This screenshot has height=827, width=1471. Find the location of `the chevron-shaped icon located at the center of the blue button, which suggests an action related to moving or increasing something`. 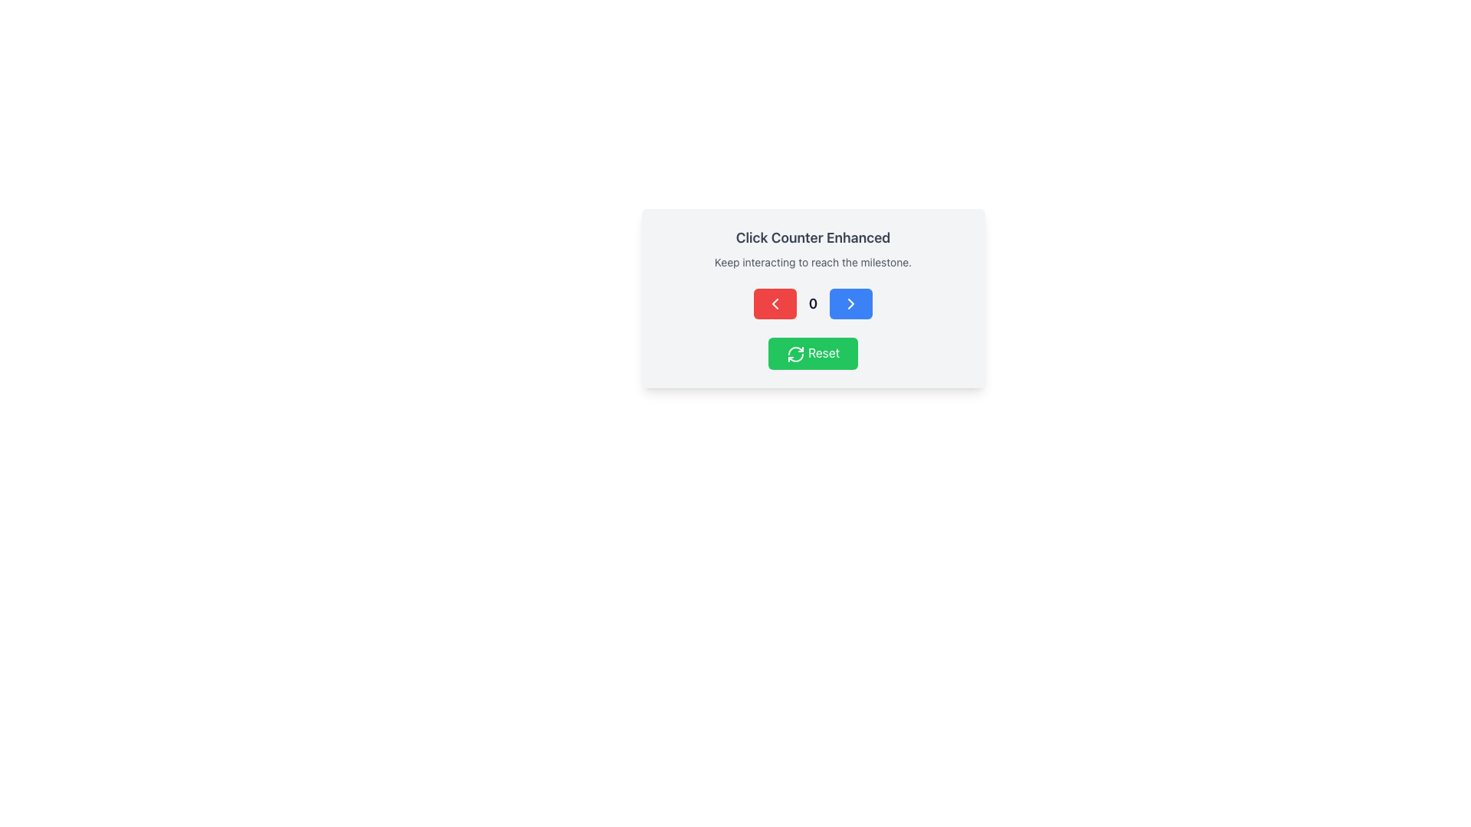

the chevron-shaped icon located at the center of the blue button, which suggests an action related to moving or increasing something is located at coordinates (850, 304).